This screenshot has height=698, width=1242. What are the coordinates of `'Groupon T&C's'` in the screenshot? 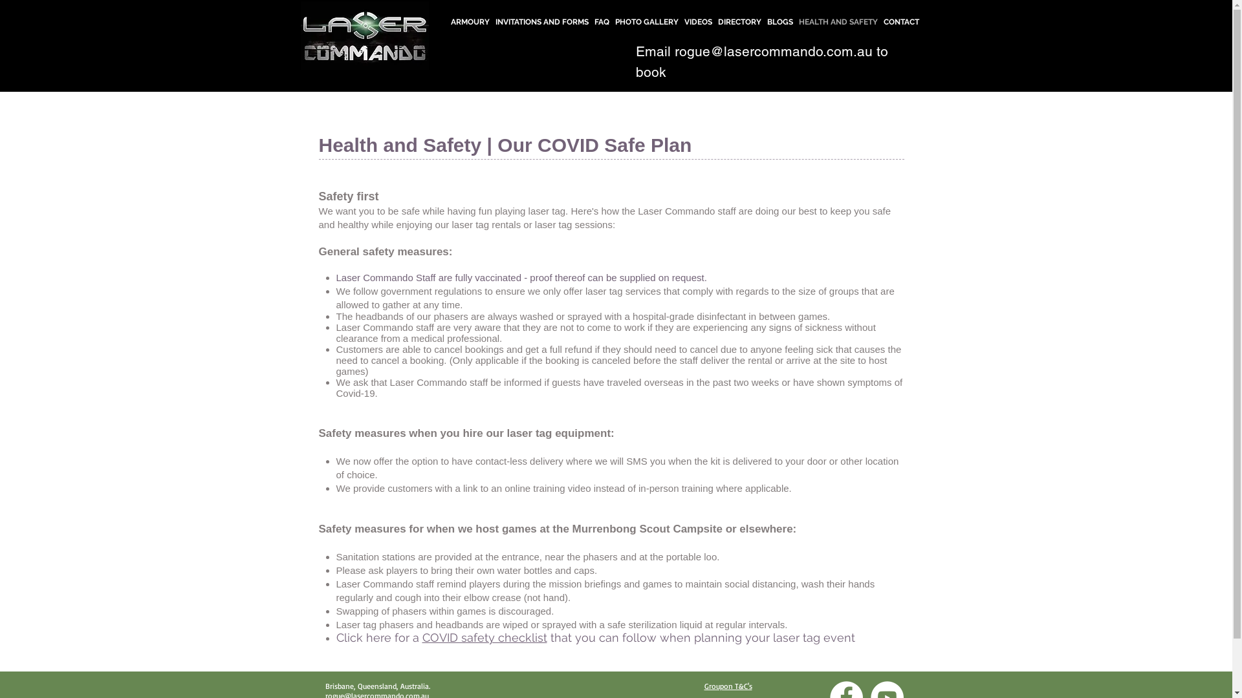 It's located at (727, 685).